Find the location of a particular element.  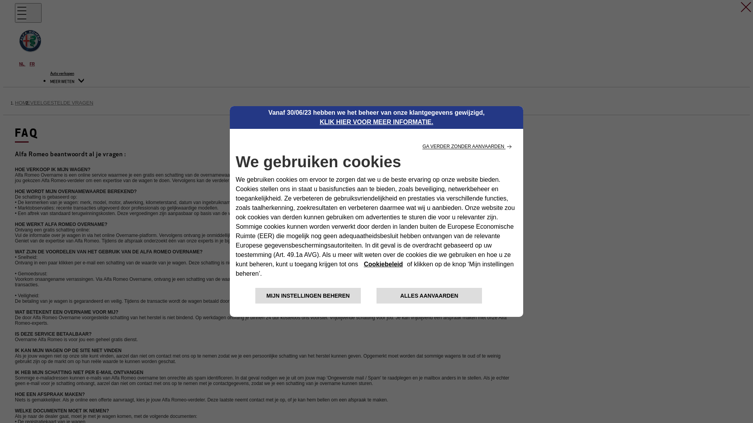

'VEELGESTELDE VRAGEN' is located at coordinates (61, 102).